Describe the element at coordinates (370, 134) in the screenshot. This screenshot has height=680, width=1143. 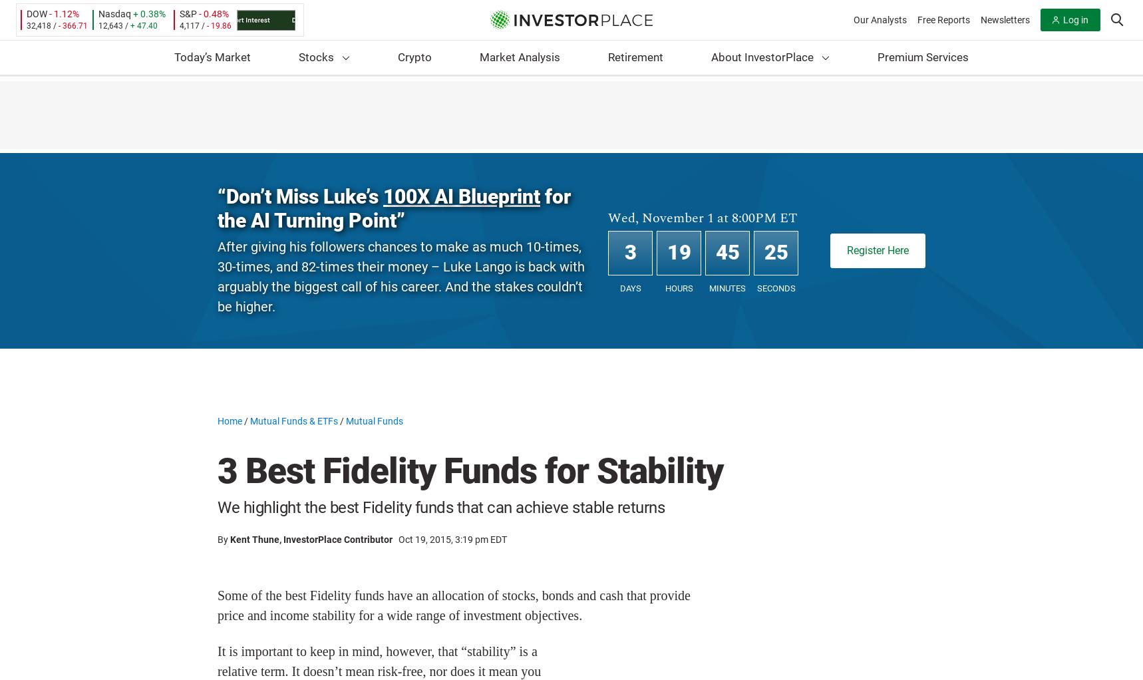
I see `'Hot Stocks'` at that location.